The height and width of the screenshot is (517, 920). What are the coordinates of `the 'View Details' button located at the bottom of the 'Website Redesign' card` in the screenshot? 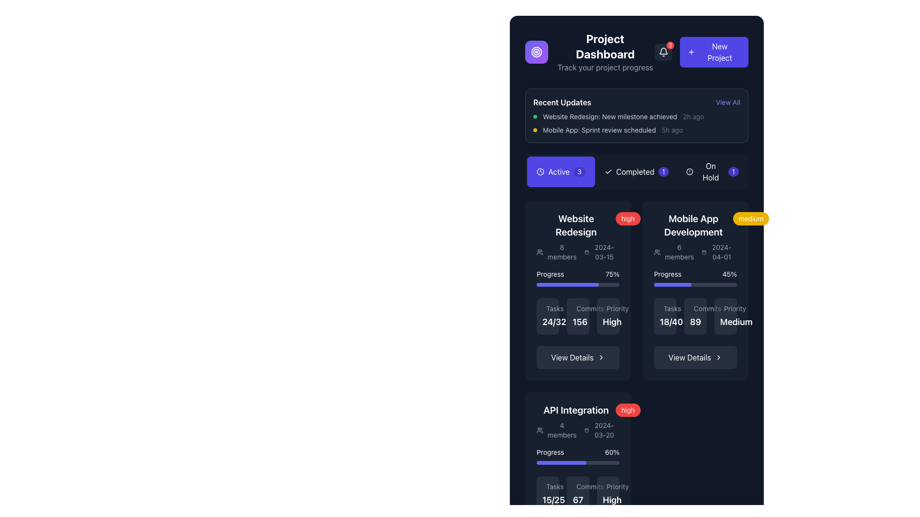 It's located at (577, 358).